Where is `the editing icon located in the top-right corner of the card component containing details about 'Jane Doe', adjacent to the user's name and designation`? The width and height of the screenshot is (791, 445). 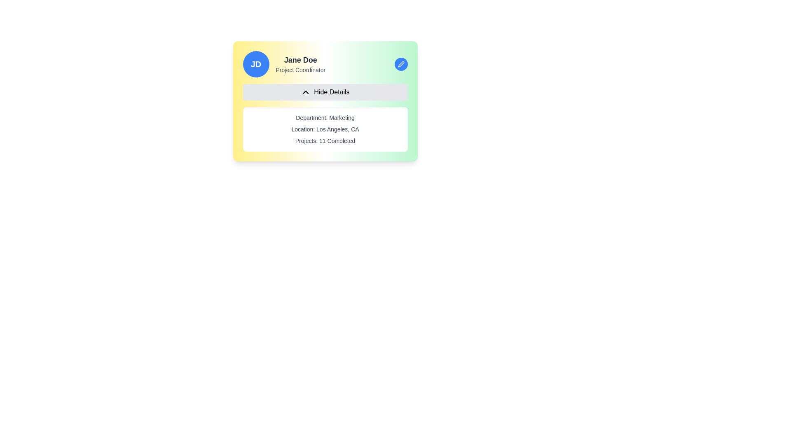 the editing icon located in the top-right corner of the card component containing details about 'Jane Doe', adjacent to the user's name and designation is located at coordinates (401, 63).